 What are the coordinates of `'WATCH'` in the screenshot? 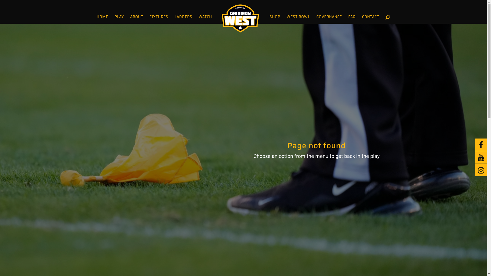 It's located at (205, 19).